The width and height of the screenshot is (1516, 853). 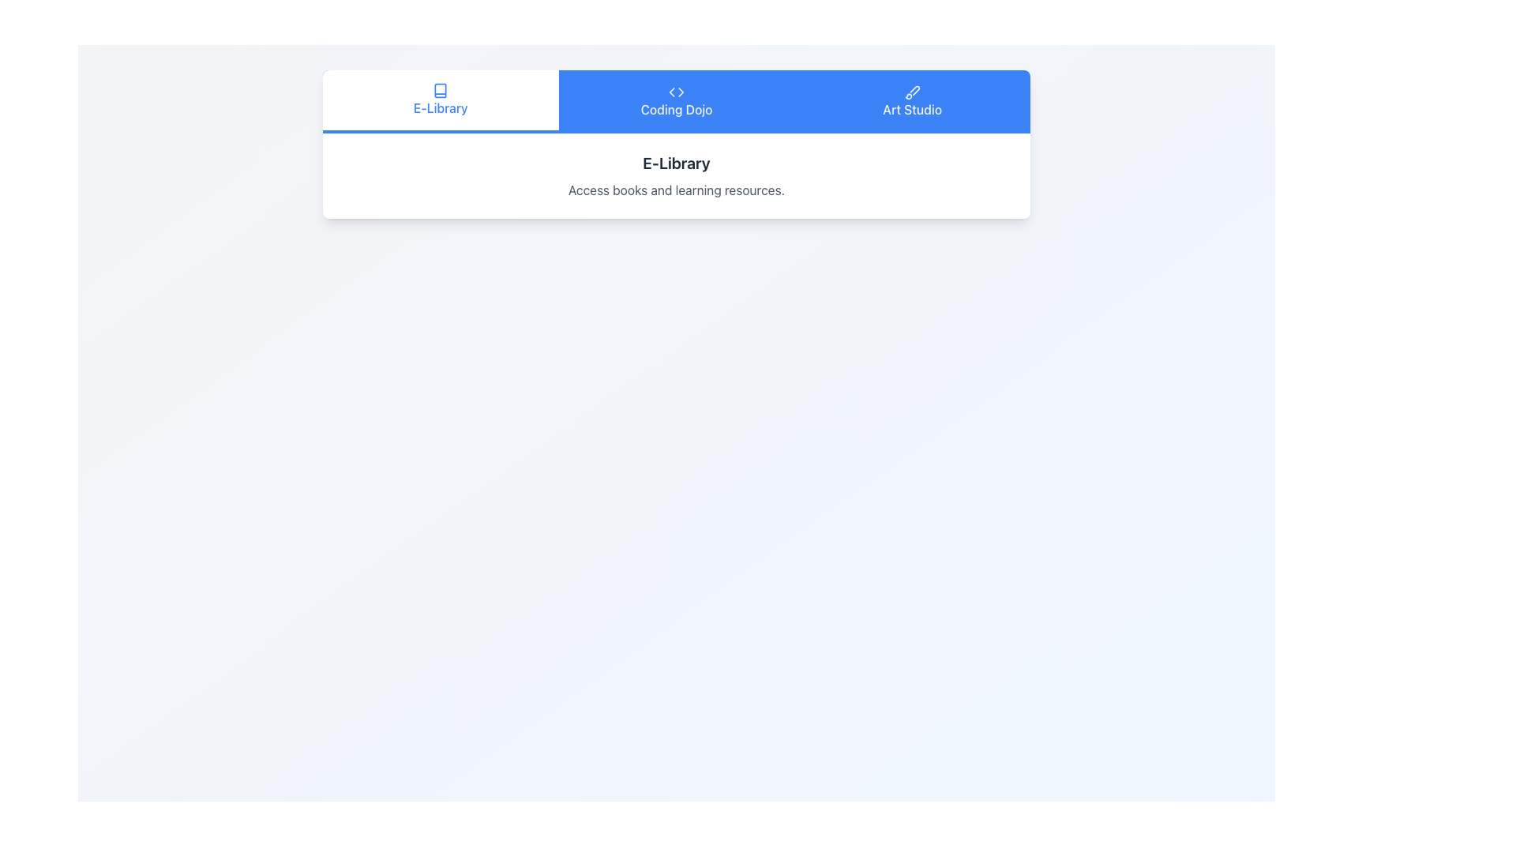 I want to click on the static text block that contains the phrase 'Access books and learning resources.' which is styled in a smaller, grayed-out font and located beneath the 'E-Library' header, so click(x=677, y=189).